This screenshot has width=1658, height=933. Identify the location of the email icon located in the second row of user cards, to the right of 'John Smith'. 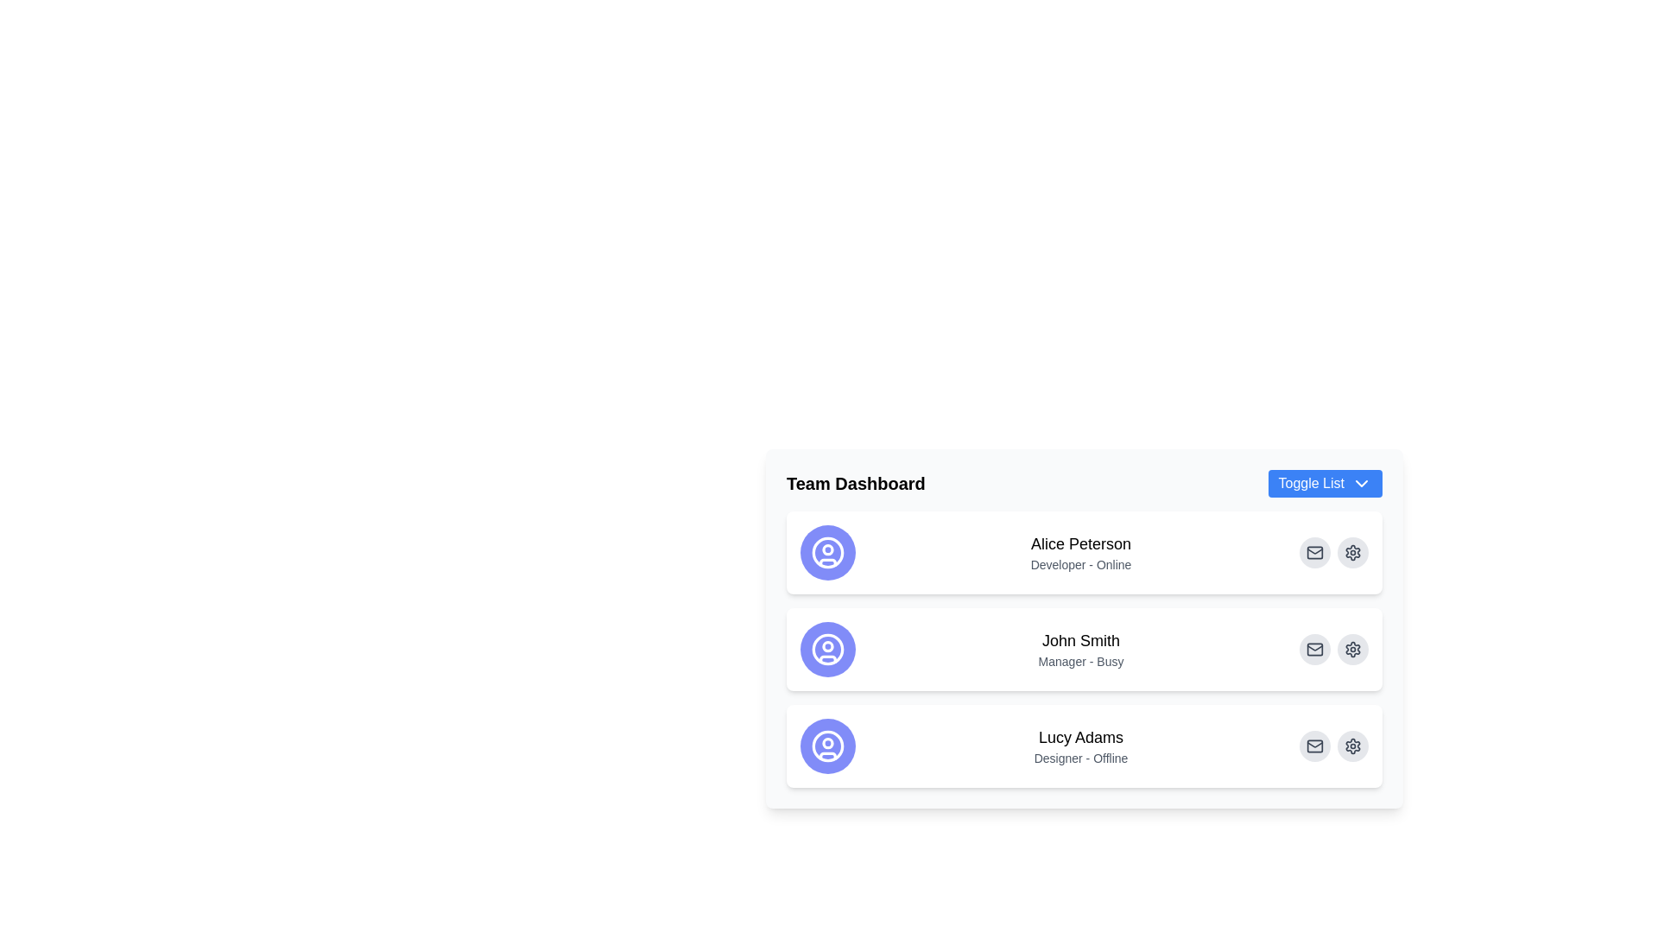
(1313, 650).